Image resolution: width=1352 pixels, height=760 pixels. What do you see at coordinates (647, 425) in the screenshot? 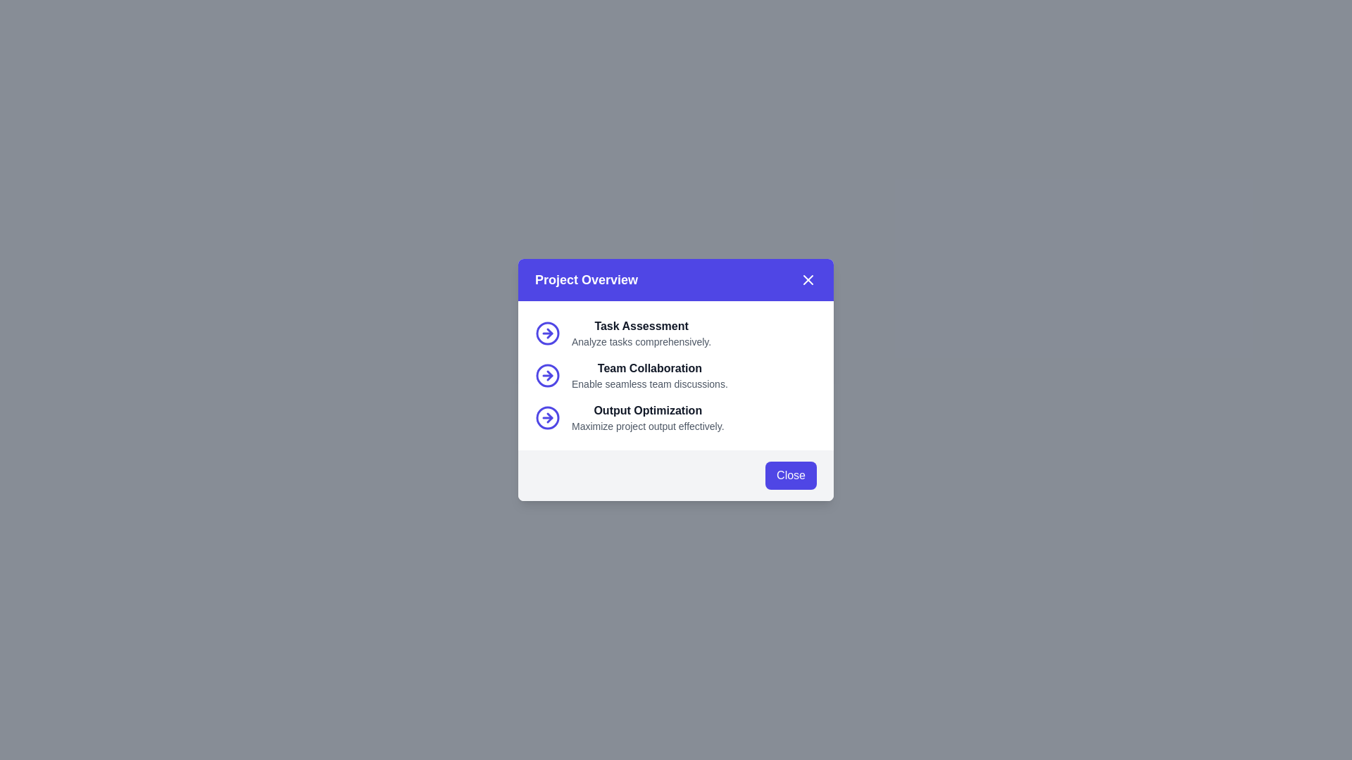
I see `the less prominent text phrase styled in small font and light gray color located directly below the 'Output Optimization' title in the center card of the interface` at bounding box center [647, 425].